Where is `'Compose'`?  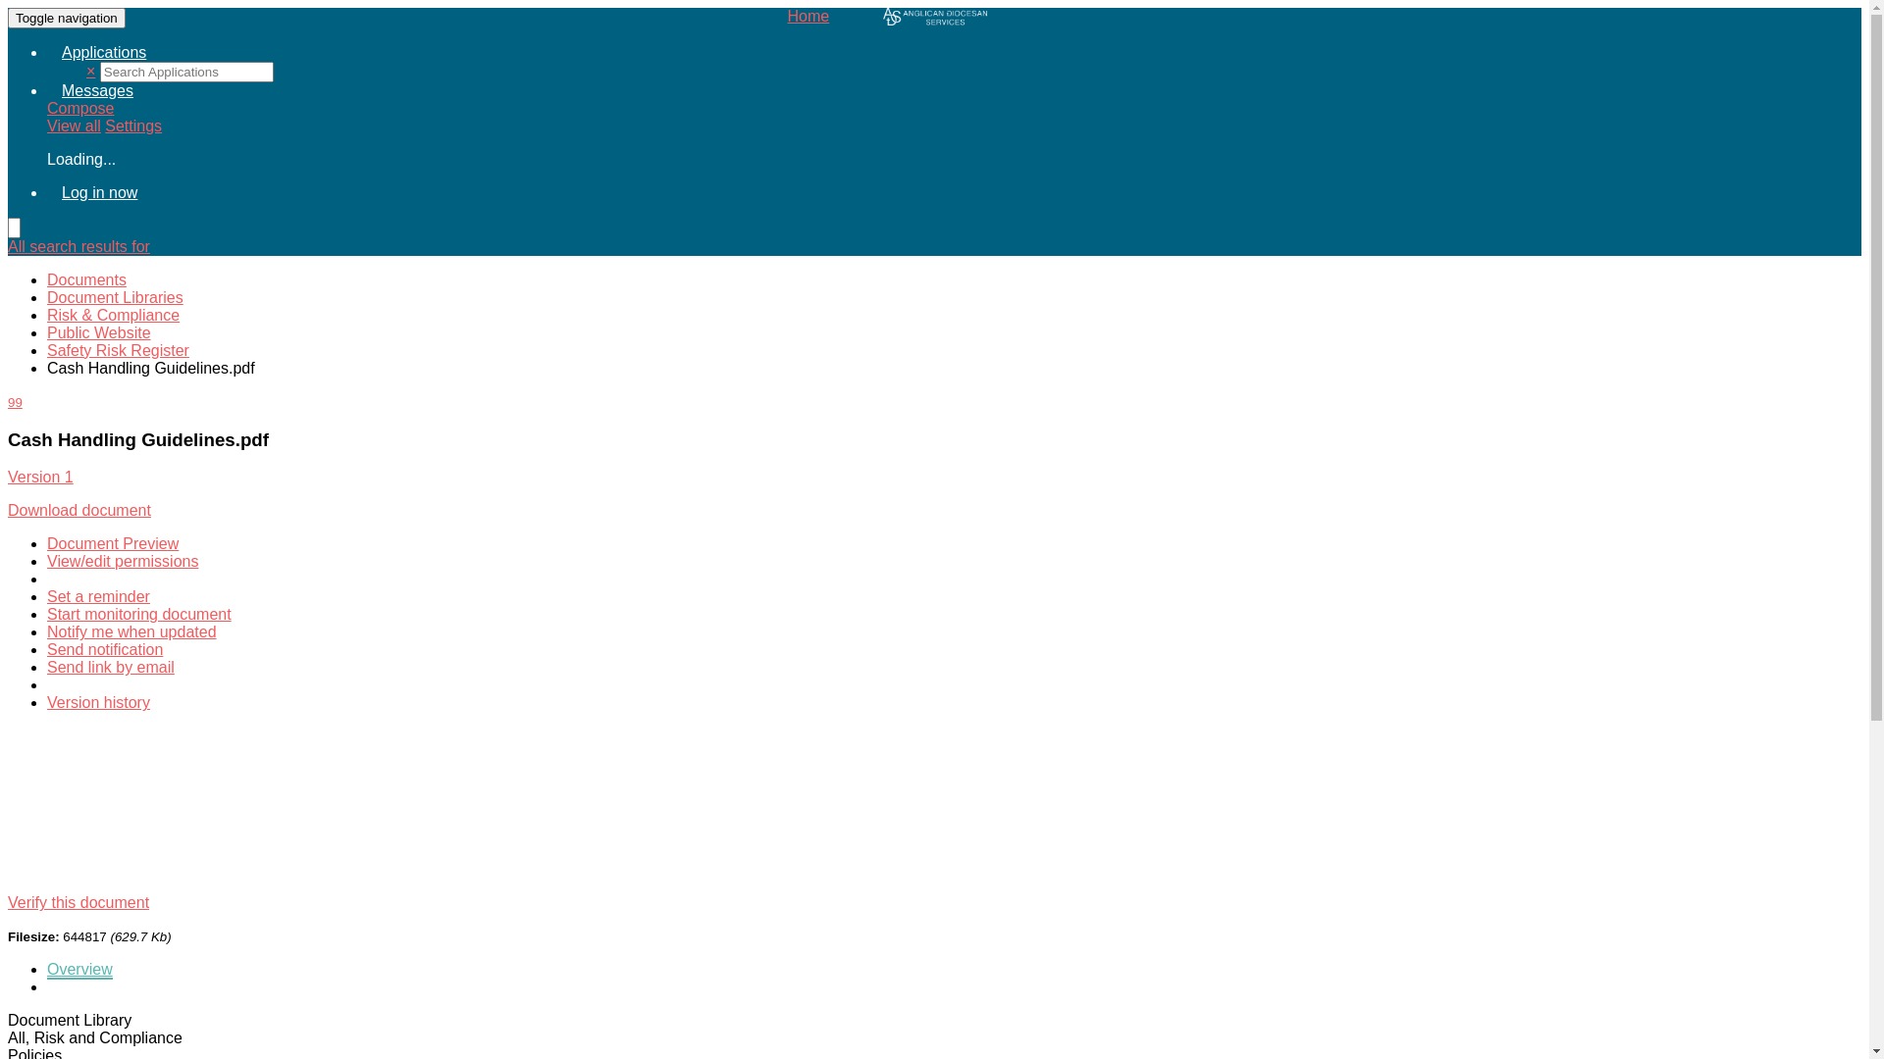 'Compose' is located at coordinates (78, 108).